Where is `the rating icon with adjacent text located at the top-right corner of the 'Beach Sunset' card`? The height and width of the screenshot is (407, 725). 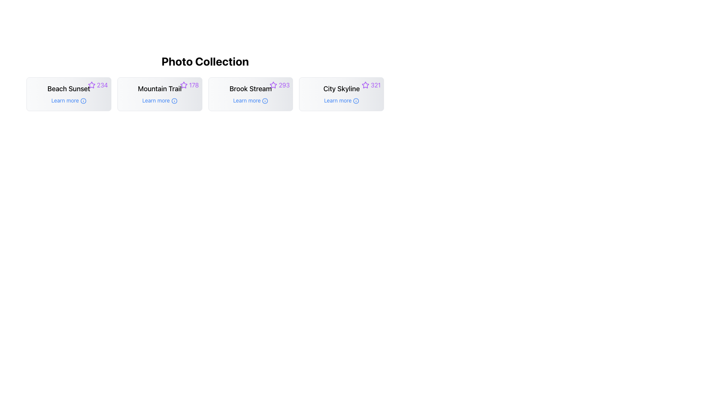
the rating icon with adjacent text located at the top-right corner of the 'Beach Sunset' card is located at coordinates (97, 85).